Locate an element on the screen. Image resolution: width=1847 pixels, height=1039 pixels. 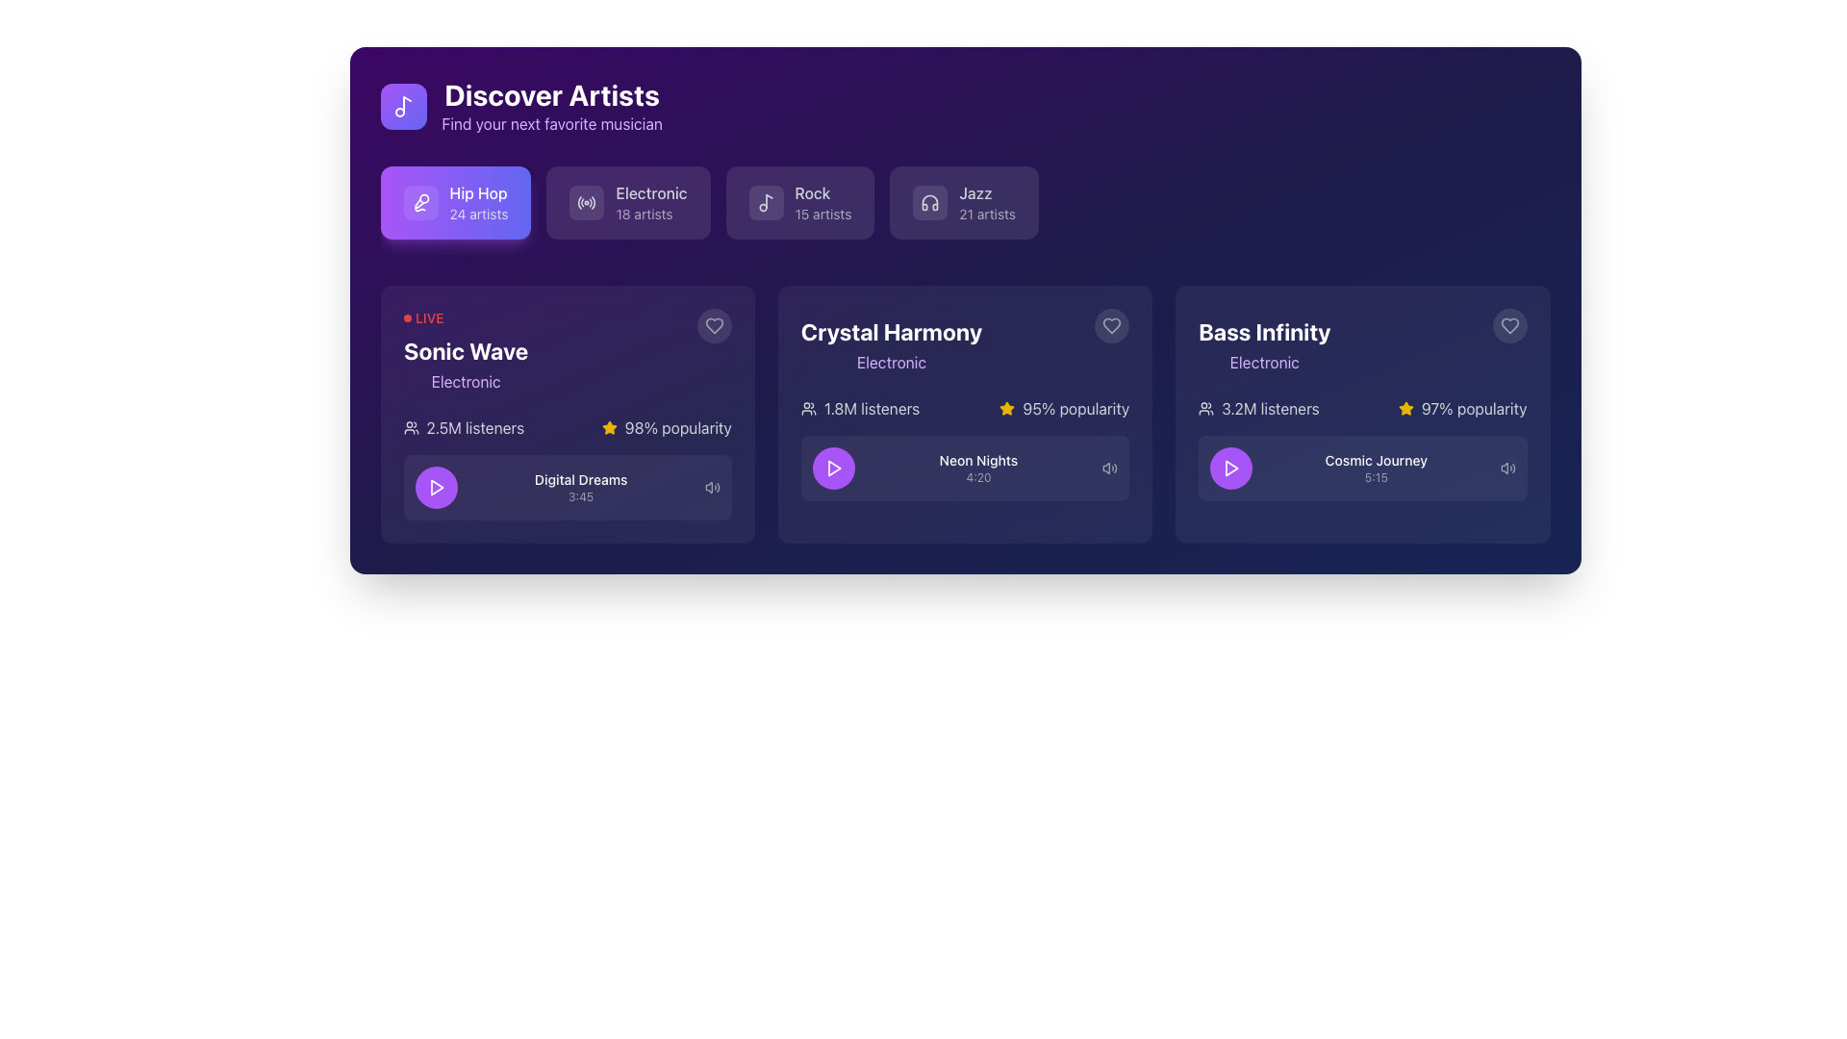
the heart icon button located in the details card labeled 'Bass Infinity' is located at coordinates (1508, 325).